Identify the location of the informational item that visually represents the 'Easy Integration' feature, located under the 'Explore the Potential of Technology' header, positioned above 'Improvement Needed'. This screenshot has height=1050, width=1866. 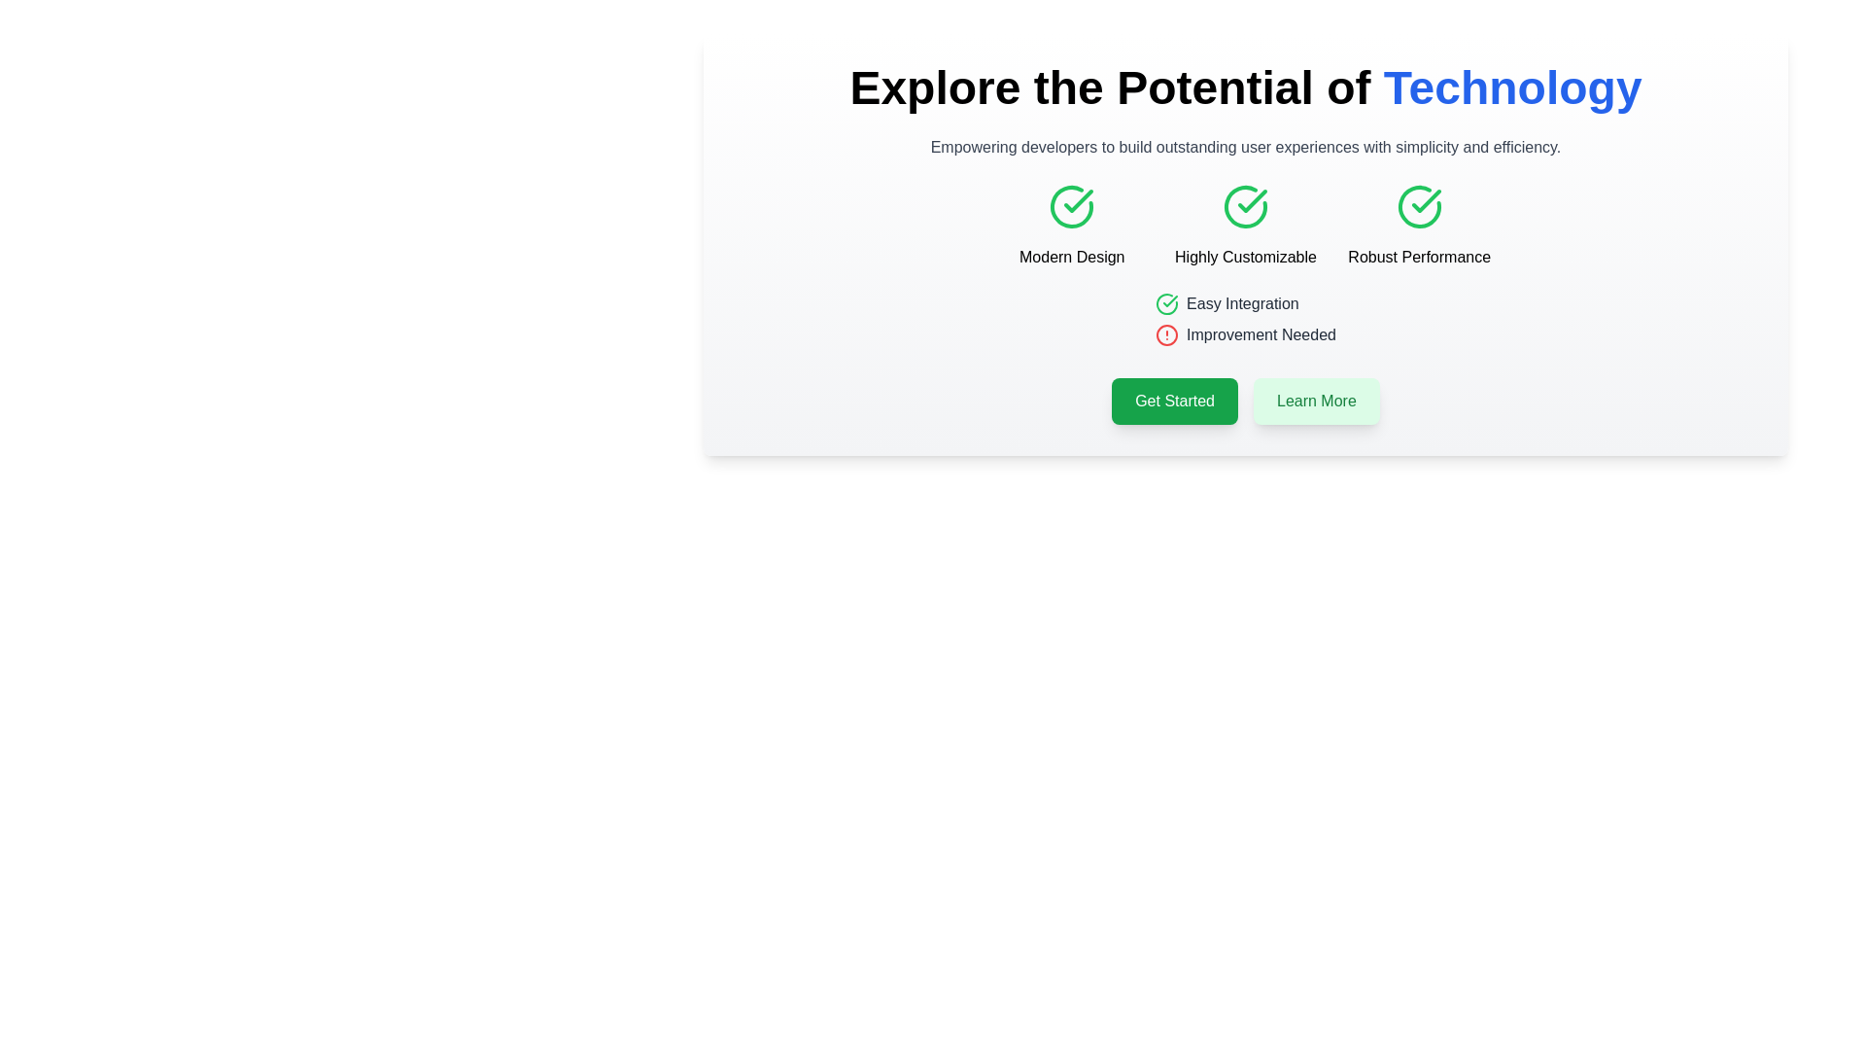
(1245, 303).